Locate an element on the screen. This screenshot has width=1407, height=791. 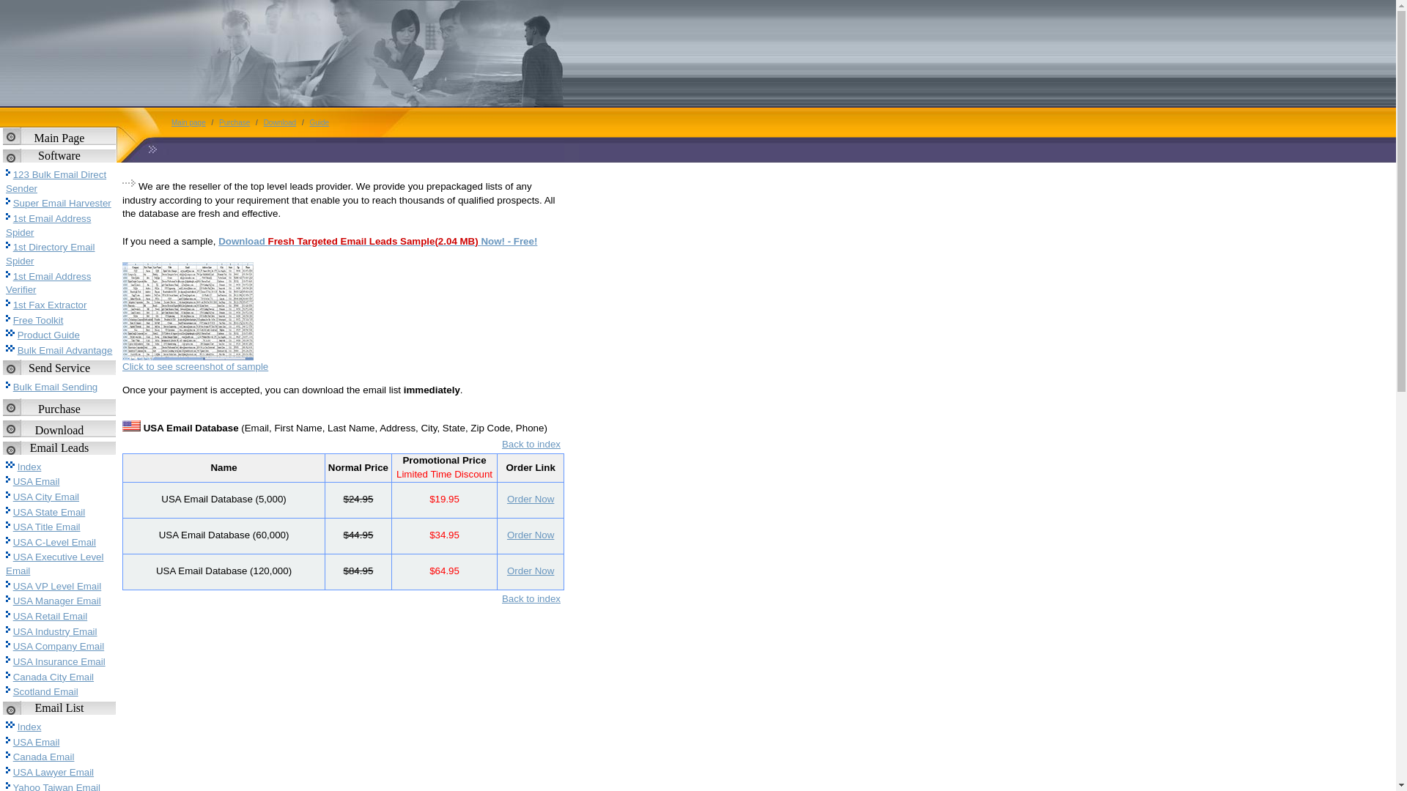
'Back to index' is located at coordinates (530, 598).